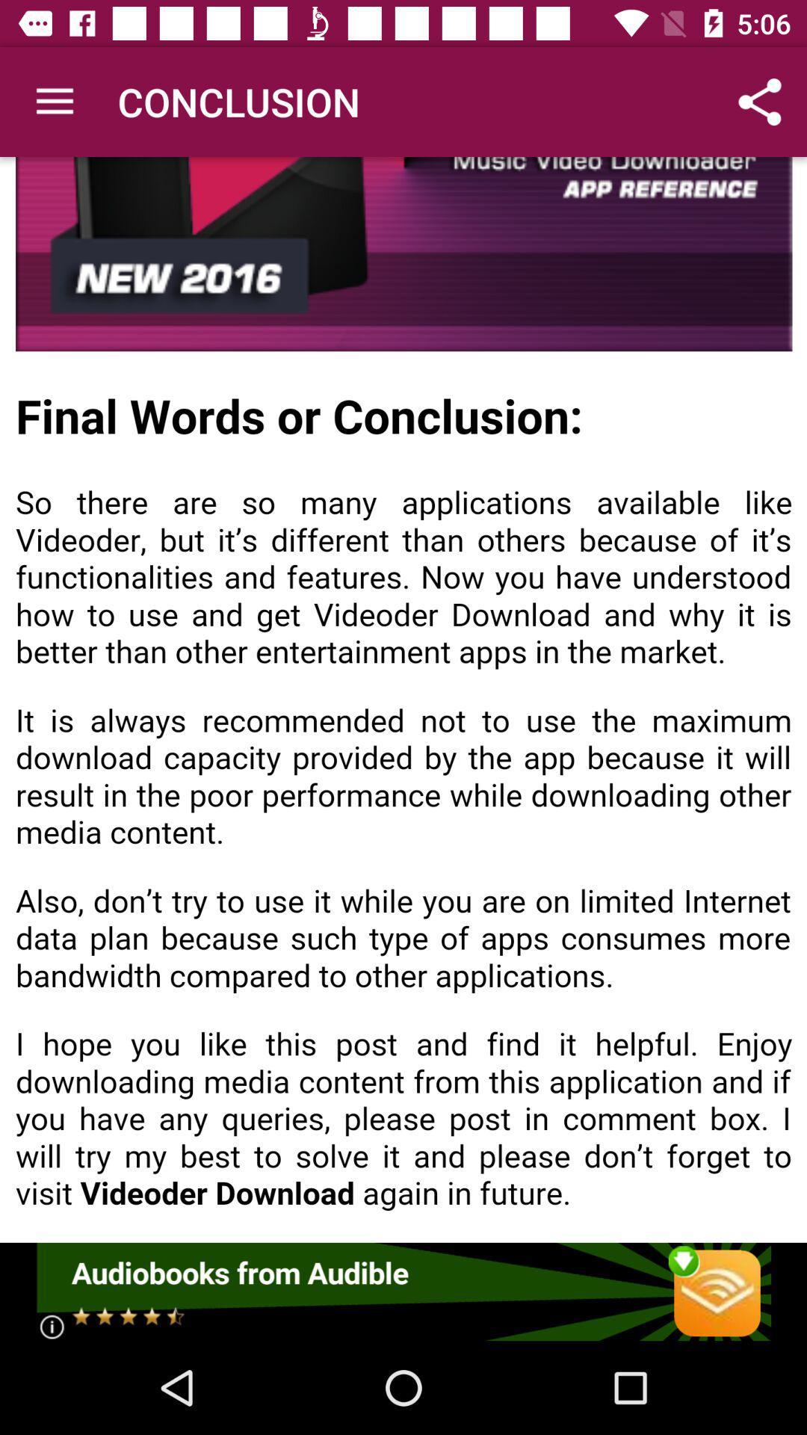  Describe the element at coordinates (402, 1291) in the screenshot. I see `advertisement in the bottom` at that location.